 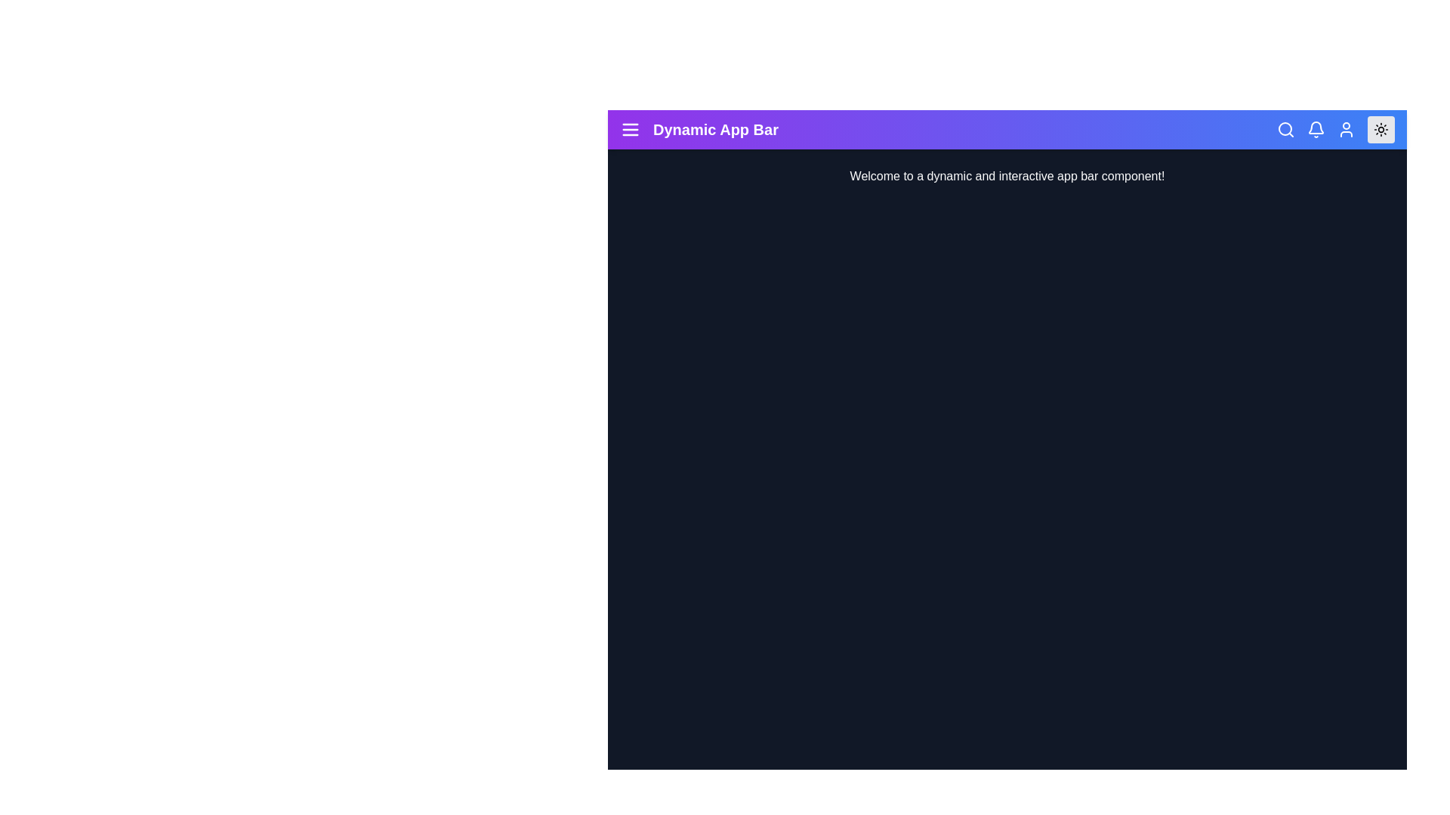 I want to click on the app title to select it, so click(x=714, y=129).